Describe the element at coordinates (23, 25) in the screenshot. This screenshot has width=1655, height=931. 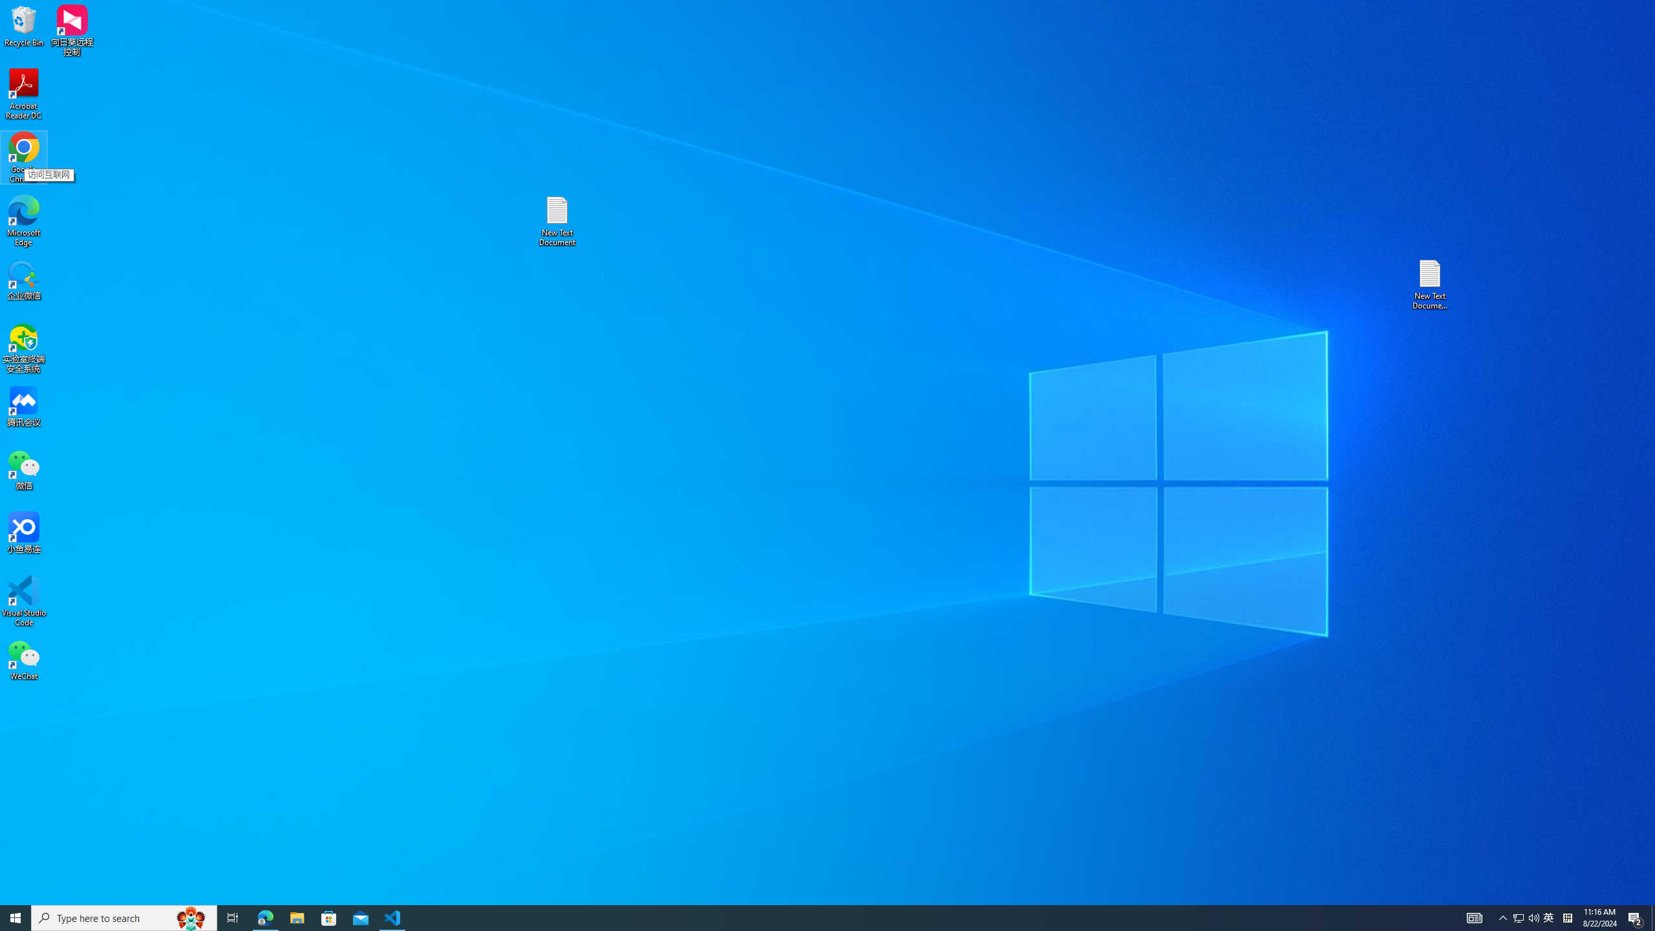
I see `'Recycle Bin'` at that location.